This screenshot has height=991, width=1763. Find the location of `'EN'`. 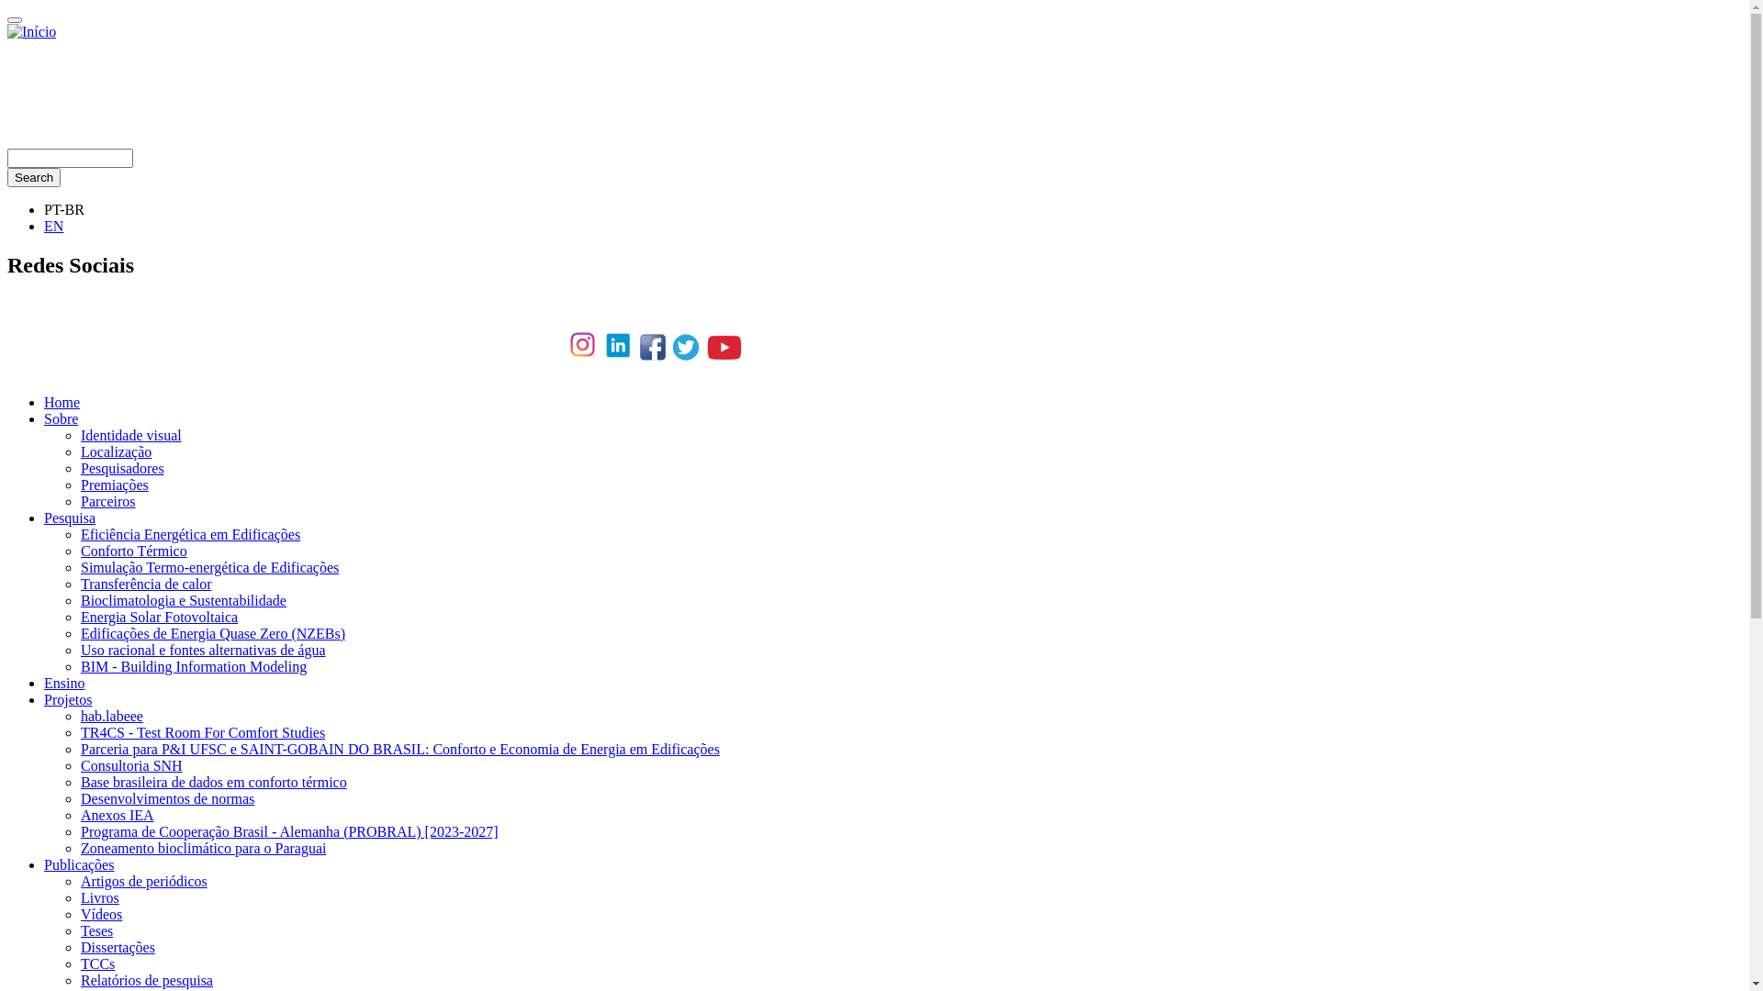

'EN' is located at coordinates (53, 225).